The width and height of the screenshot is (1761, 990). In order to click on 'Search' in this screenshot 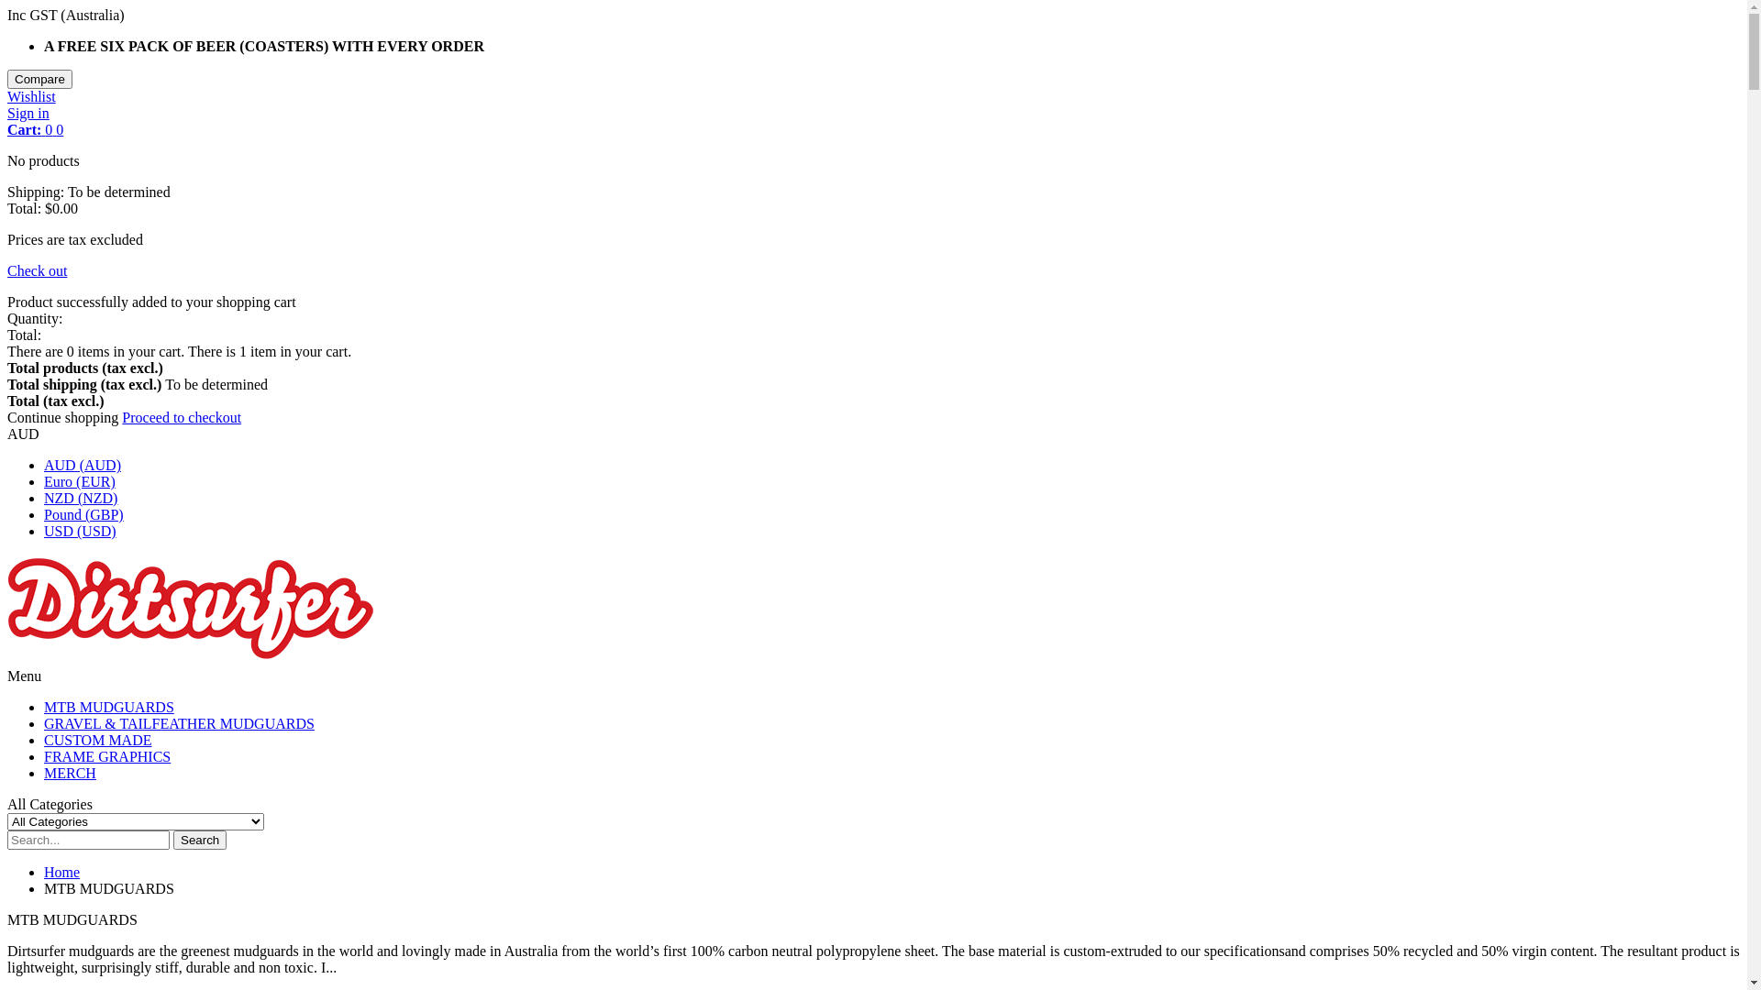, I will do `click(199, 840)`.